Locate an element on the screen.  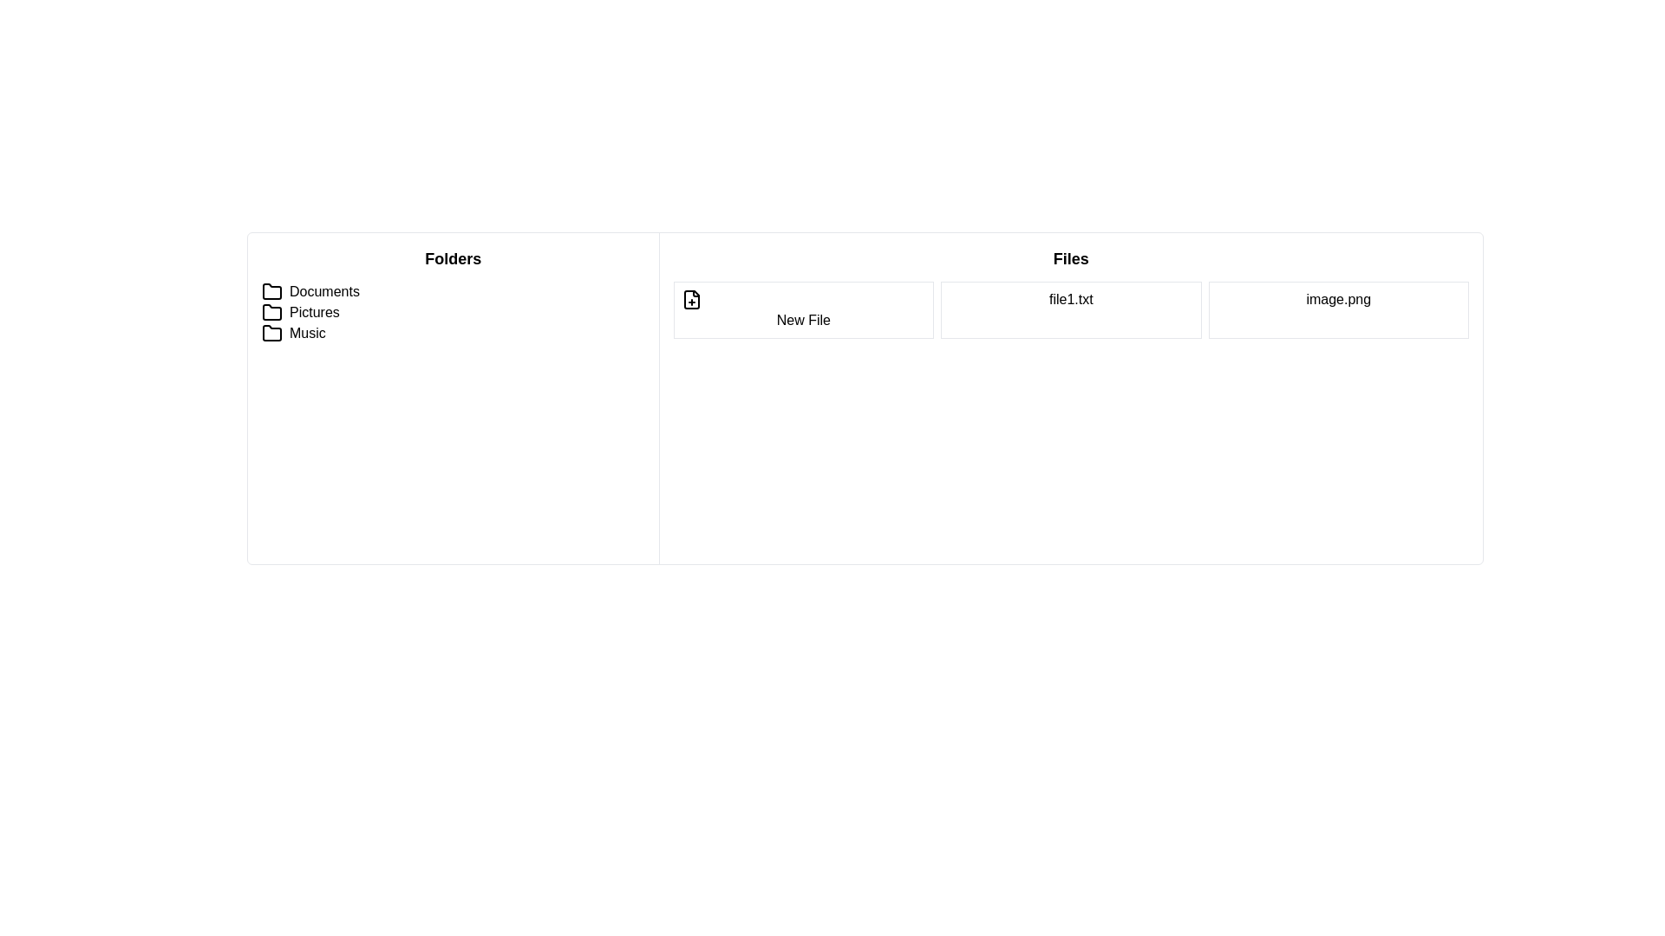
the folder icon, which resembles a minimalistic directory folder with a tab, located is located at coordinates (271, 290).